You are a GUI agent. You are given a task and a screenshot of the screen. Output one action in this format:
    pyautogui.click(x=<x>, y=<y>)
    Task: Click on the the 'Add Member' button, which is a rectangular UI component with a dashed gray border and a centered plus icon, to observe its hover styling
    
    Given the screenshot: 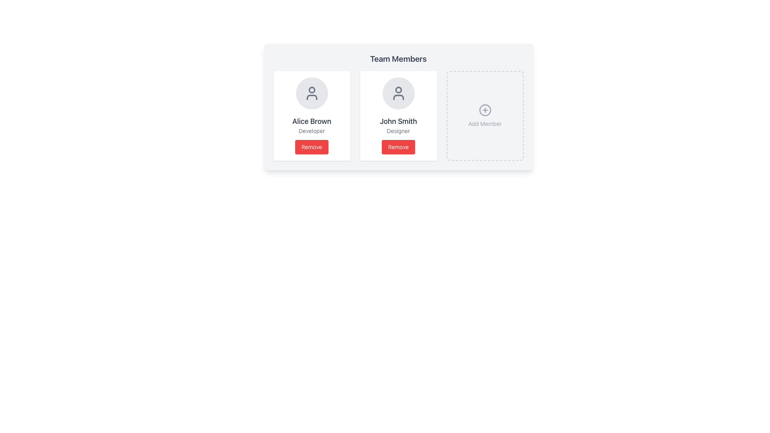 What is the action you would take?
    pyautogui.click(x=484, y=116)
    